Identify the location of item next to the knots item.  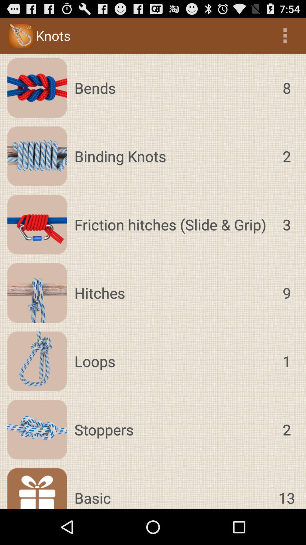
(285, 35).